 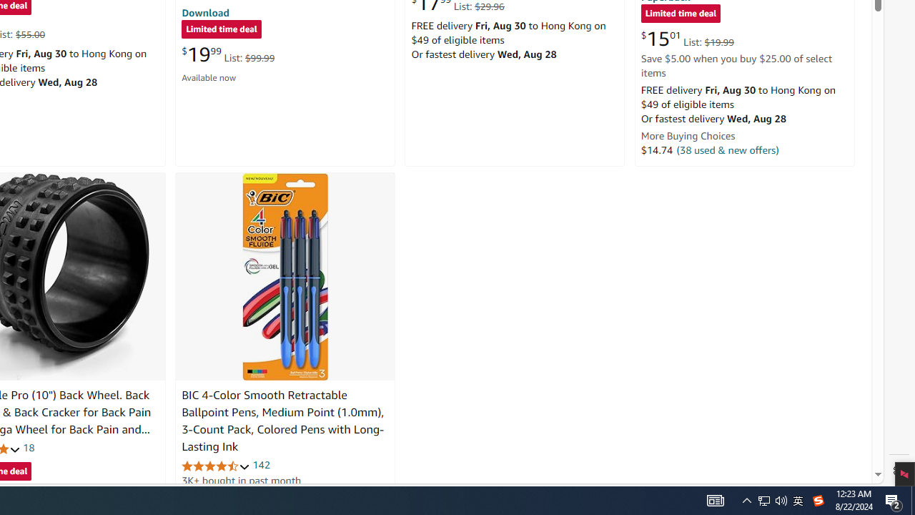 What do you see at coordinates (215, 466) in the screenshot?
I see `'4.6 out of 5 stars'` at bounding box center [215, 466].